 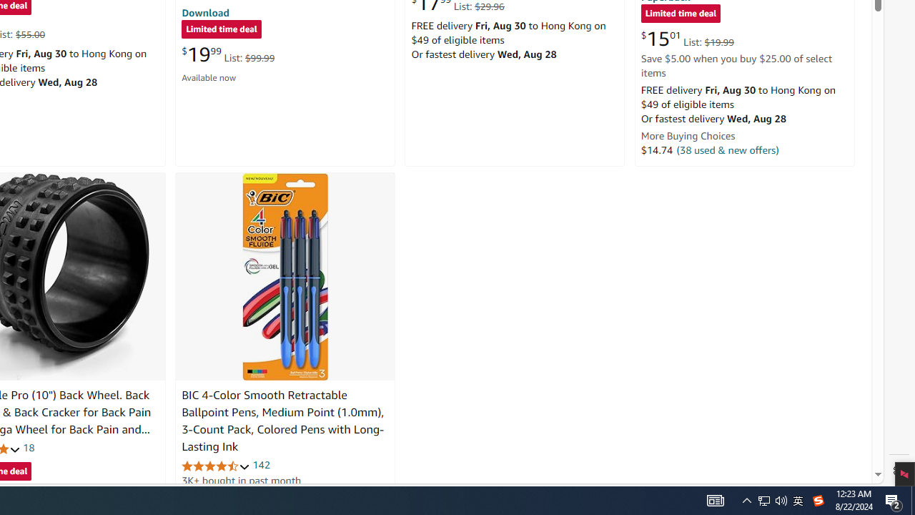 What do you see at coordinates (215, 466) in the screenshot?
I see `'4.6 out of 5 stars'` at bounding box center [215, 466].